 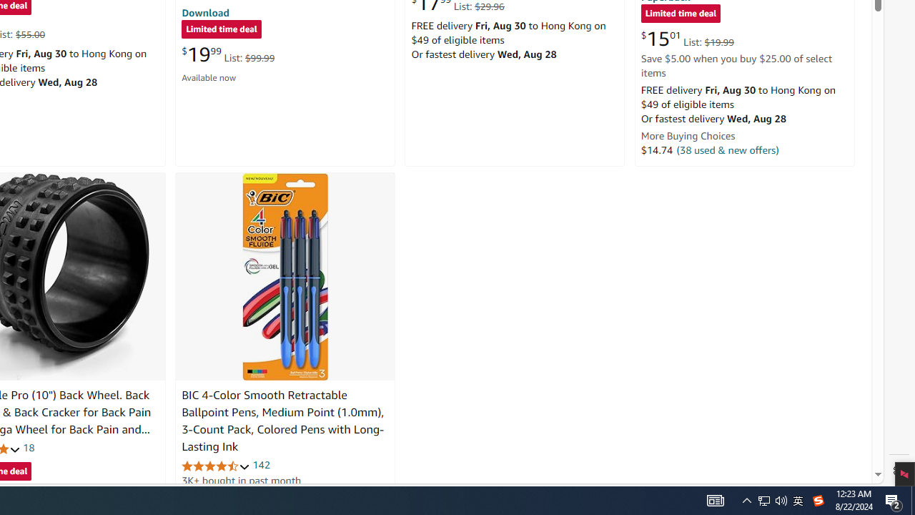 What do you see at coordinates (215, 466) in the screenshot?
I see `'4.6 out of 5 stars'` at bounding box center [215, 466].